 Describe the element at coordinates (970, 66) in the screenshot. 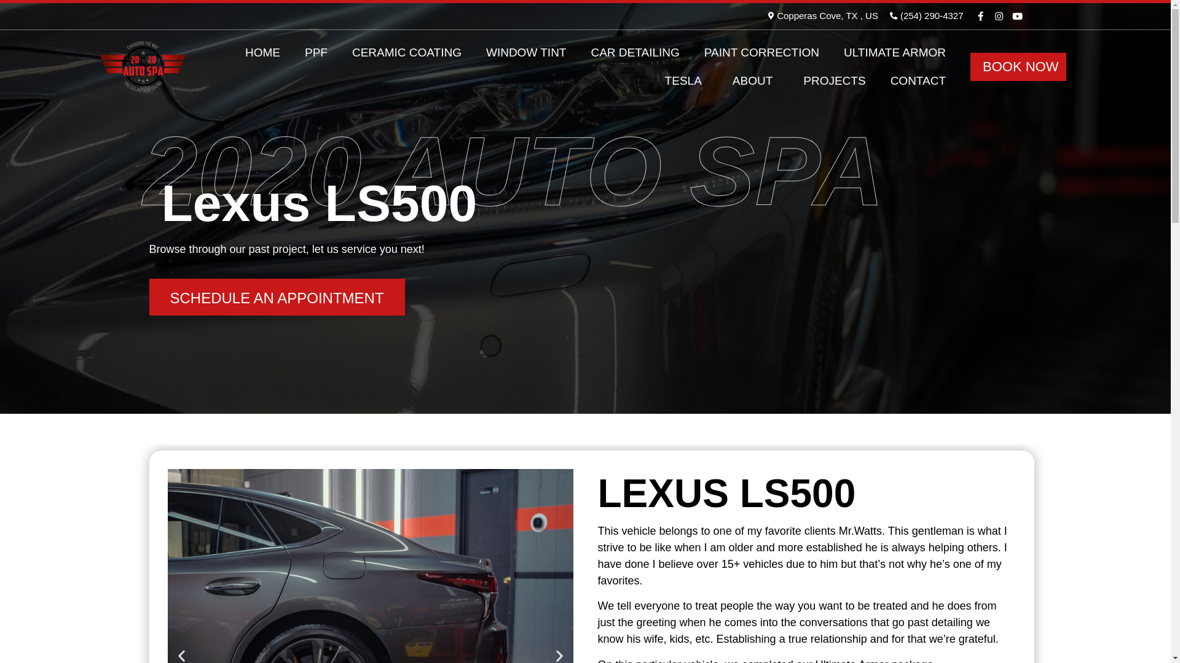

I see `'BOOK NOW'` at that location.